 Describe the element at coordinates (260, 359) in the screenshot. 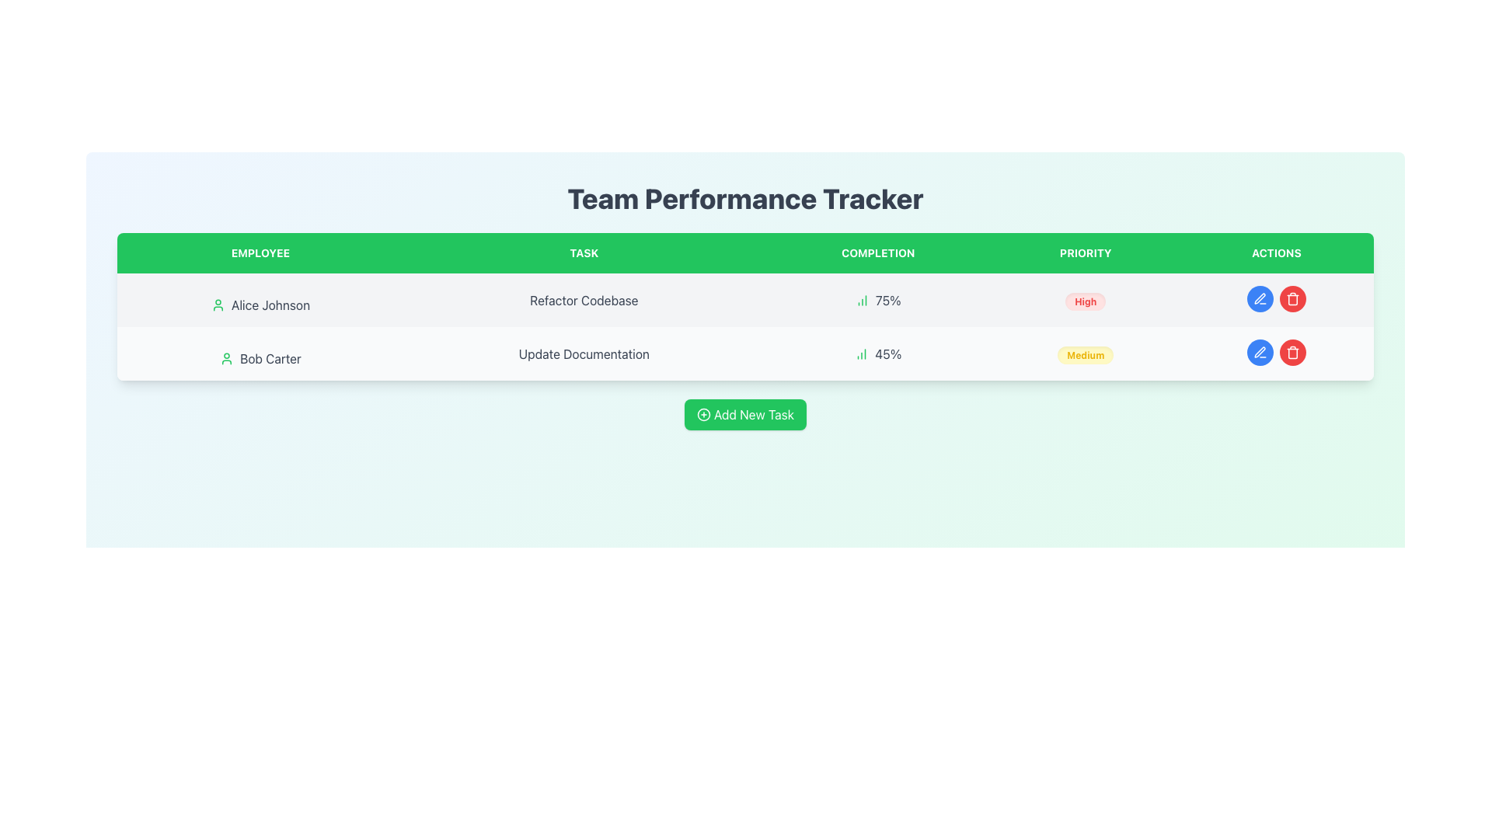

I see `the employee profile component displaying the name 'Bob Carter' and the user icon in the second row of the tabular layout under the 'EMPLOYEE' column` at that location.